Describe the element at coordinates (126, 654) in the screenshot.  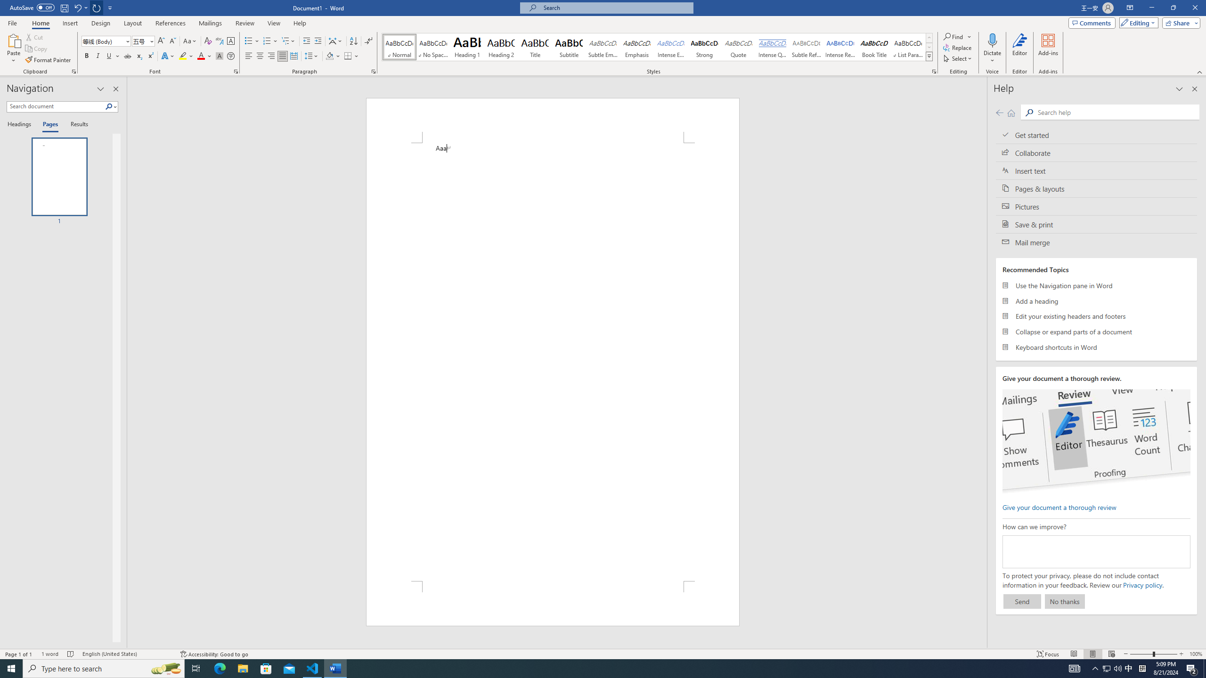
I see `'Language English (United States)'` at that location.